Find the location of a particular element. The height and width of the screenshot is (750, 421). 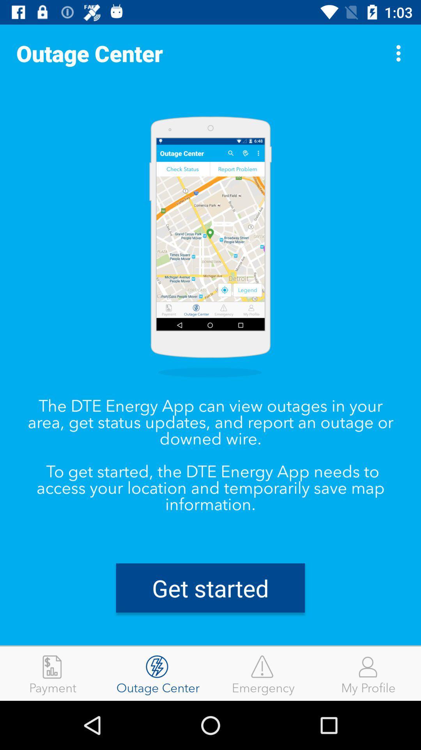

emergency is located at coordinates (263, 673).